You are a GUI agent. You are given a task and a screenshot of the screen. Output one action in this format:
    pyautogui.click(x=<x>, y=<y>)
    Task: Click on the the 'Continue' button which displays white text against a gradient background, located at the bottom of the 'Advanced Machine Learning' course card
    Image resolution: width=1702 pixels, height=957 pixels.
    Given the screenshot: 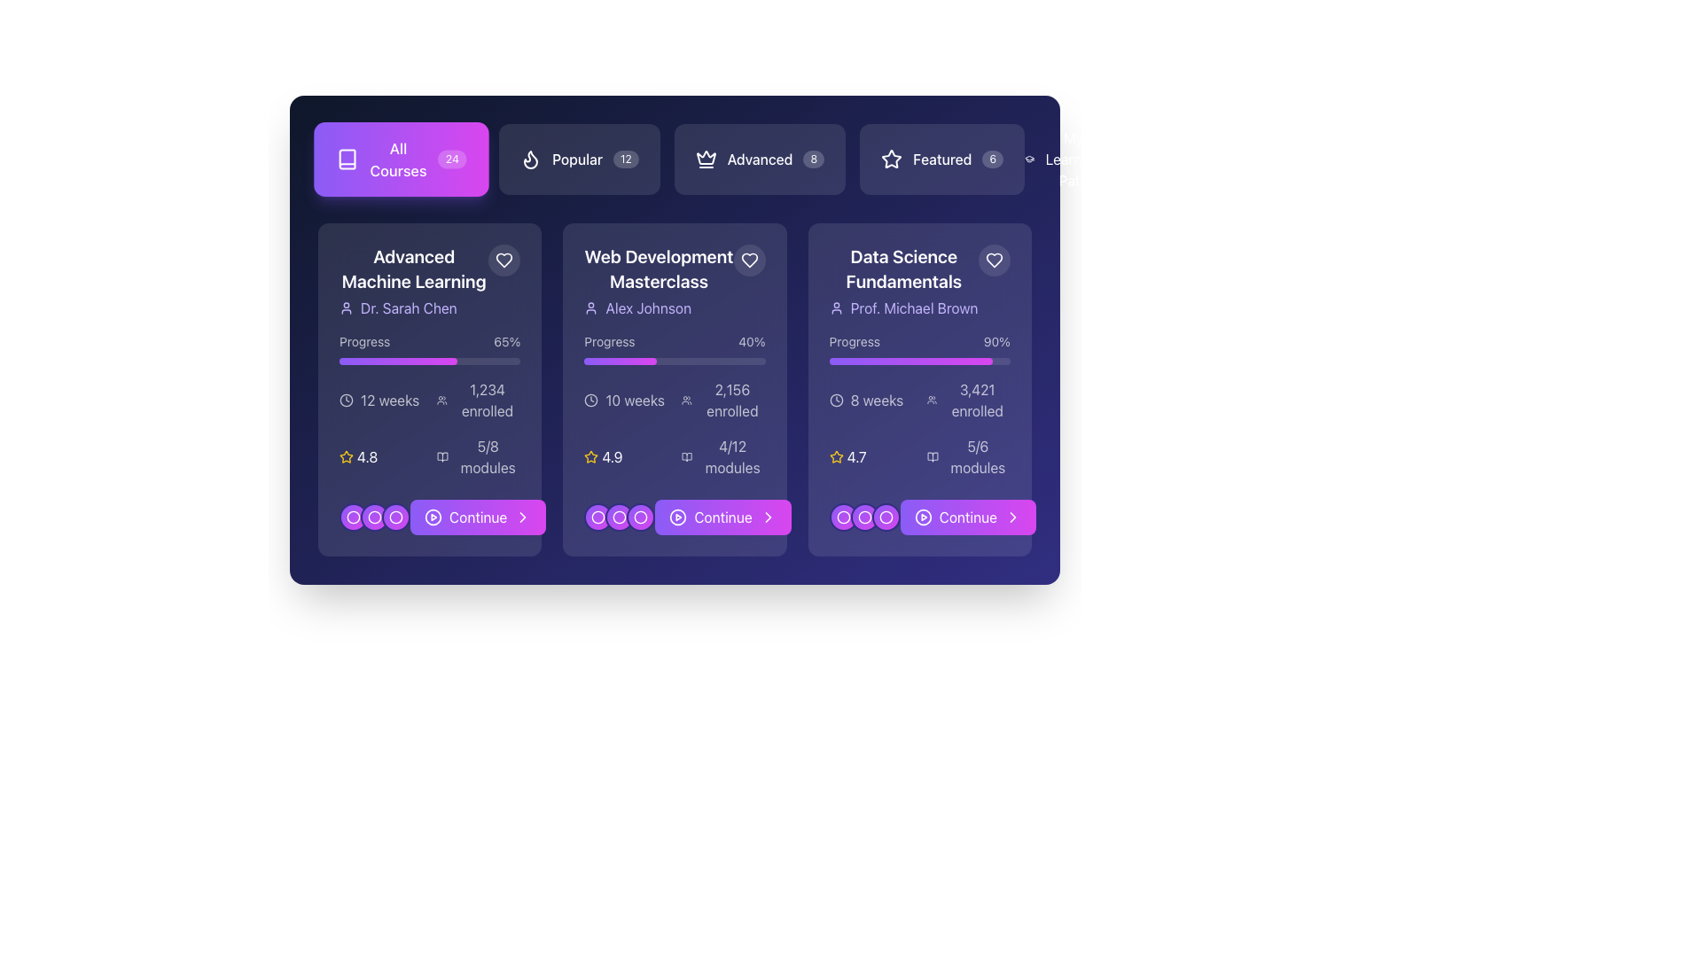 What is the action you would take?
    pyautogui.click(x=478, y=517)
    